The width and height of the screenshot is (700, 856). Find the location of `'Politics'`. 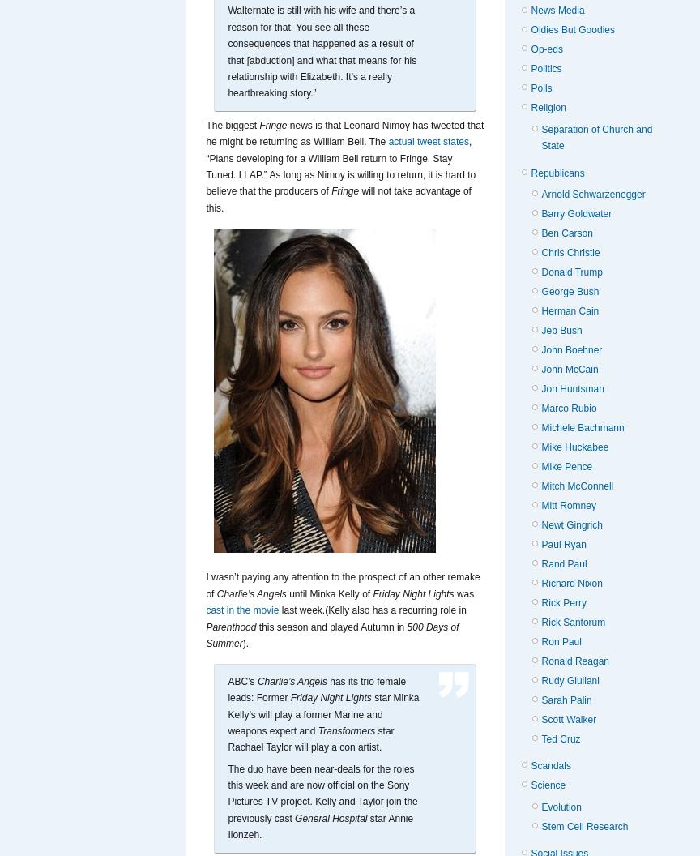

'Politics' is located at coordinates (546, 68).